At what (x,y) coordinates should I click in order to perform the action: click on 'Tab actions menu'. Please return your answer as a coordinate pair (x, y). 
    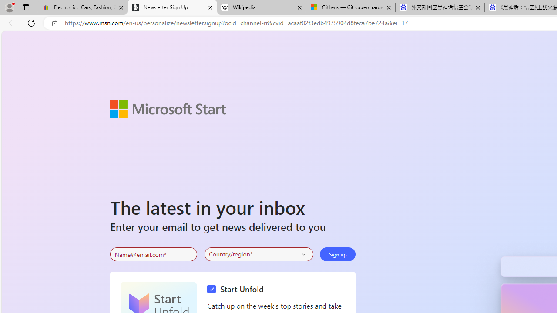
    Looking at the image, I should click on (26, 7).